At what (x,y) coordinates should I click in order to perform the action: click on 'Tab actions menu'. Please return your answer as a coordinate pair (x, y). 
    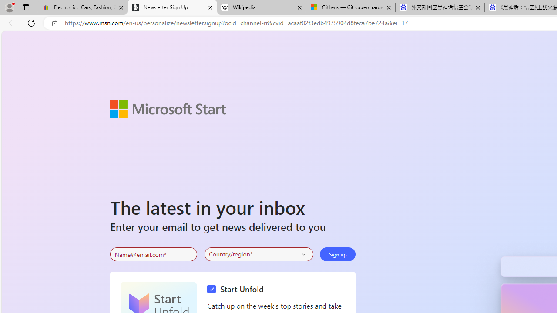
    Looking at the image, I should click on (26, 7).